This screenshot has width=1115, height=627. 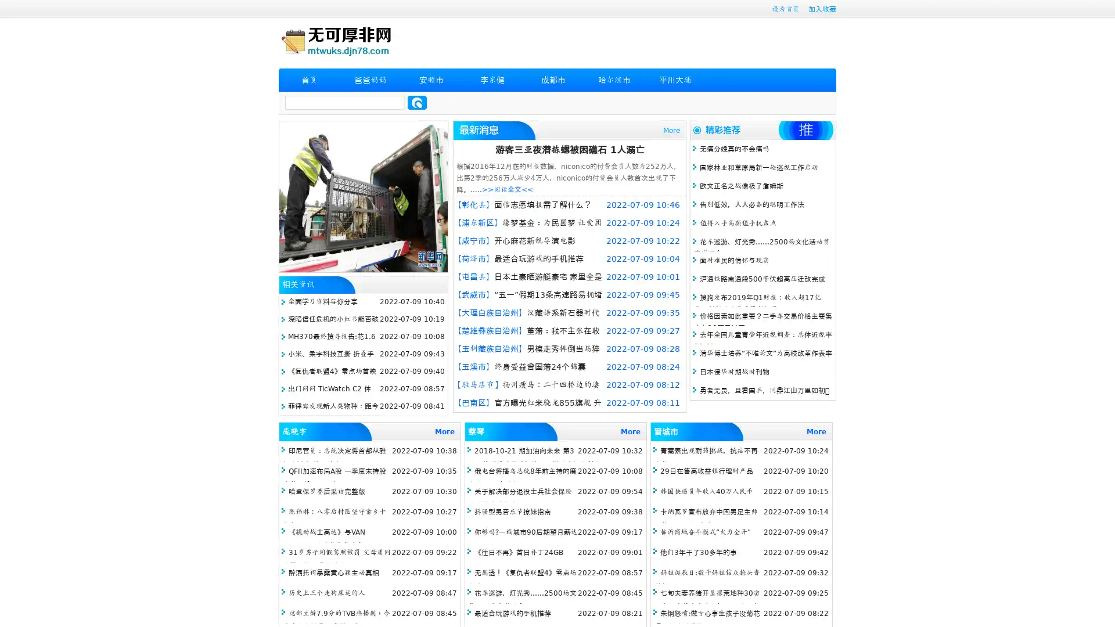 I want to click on Search, so click(x=417, y=102).